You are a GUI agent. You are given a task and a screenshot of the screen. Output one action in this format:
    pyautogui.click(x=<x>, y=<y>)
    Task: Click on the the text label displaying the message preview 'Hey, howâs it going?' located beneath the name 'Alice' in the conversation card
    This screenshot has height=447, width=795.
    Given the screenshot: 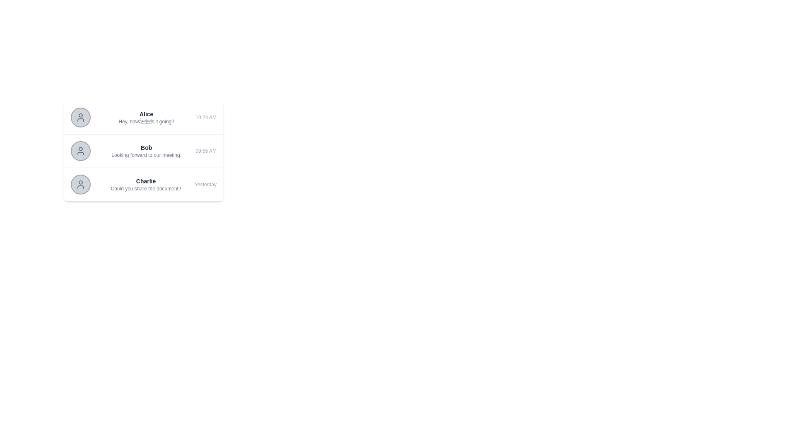 What is the action you would take?
    pyautogui.click(x=146, y=121)
    